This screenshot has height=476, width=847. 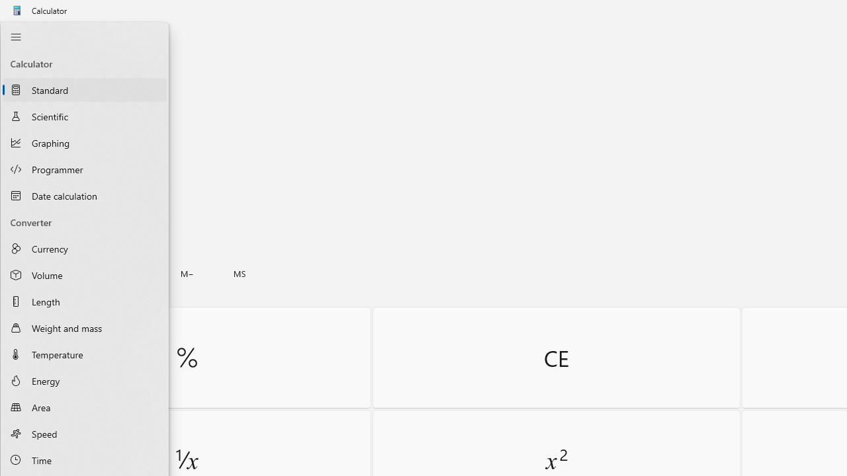 I want to click on 'Clear entry', so click(x=556, y=357).